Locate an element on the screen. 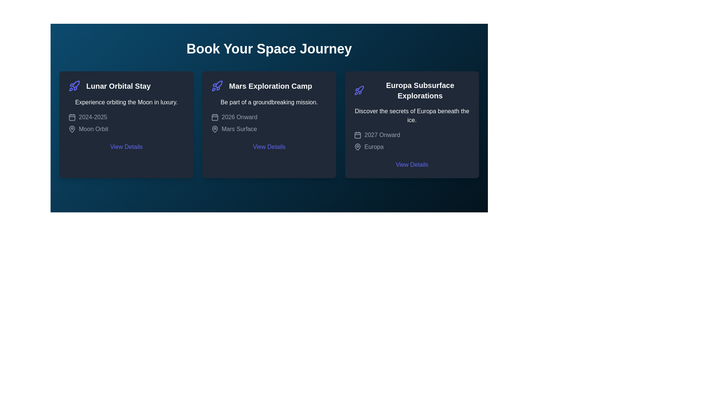 The width and height of the screenshot is (714, 401). the second card in the Mars Exploration Camp program information panel is located at coordinates (269, 124).